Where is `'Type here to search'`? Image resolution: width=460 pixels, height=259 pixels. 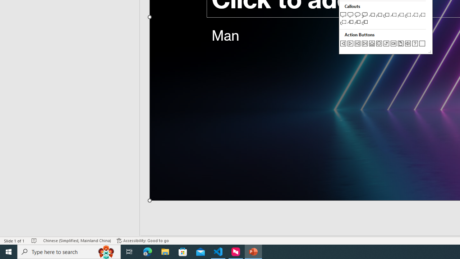
'Type here to search' is located at coordinates (69, 251).